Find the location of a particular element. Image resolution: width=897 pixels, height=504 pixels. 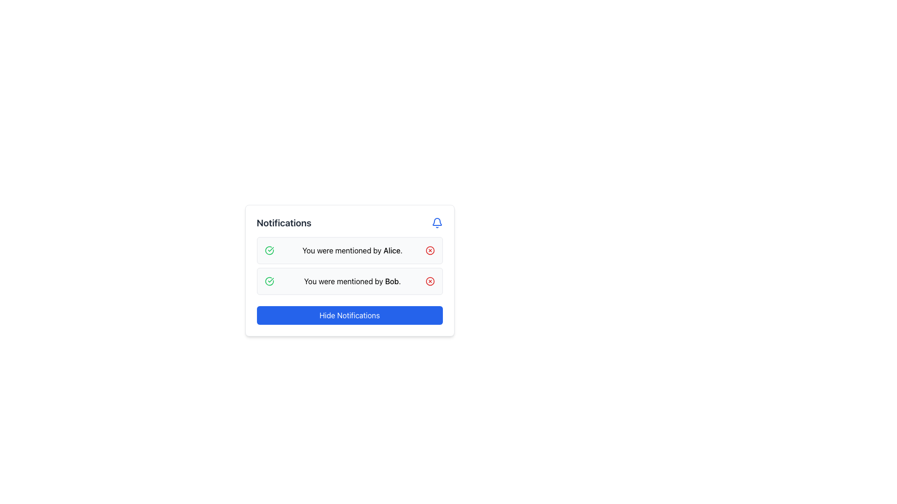

the text element that informs the user about a mention from 'Bob' in the second notification card, positioned between a green tick icon and a red close icon is located at coordinates (352, 280).